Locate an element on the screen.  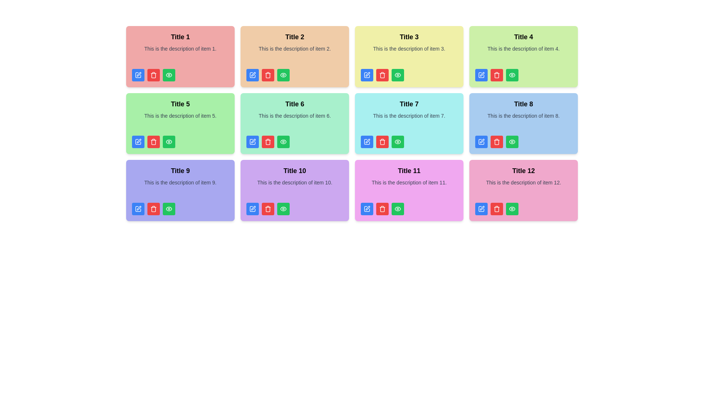
the icons within the Card component titled 'Title 10', which has a light purple background and contains a blue pencil icon, a red trash bin icon, and a green eye icon at the bottom is located at coordinates (295, 190).